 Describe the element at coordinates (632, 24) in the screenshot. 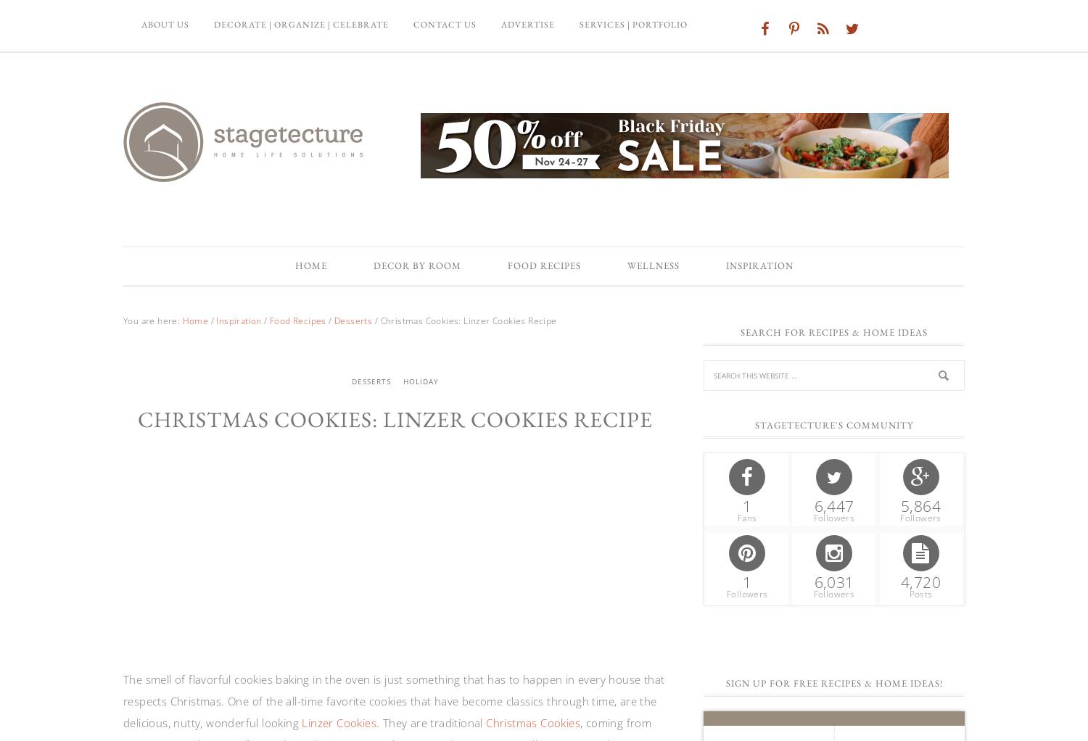

I see `'Services | Portfolio'` at that location.